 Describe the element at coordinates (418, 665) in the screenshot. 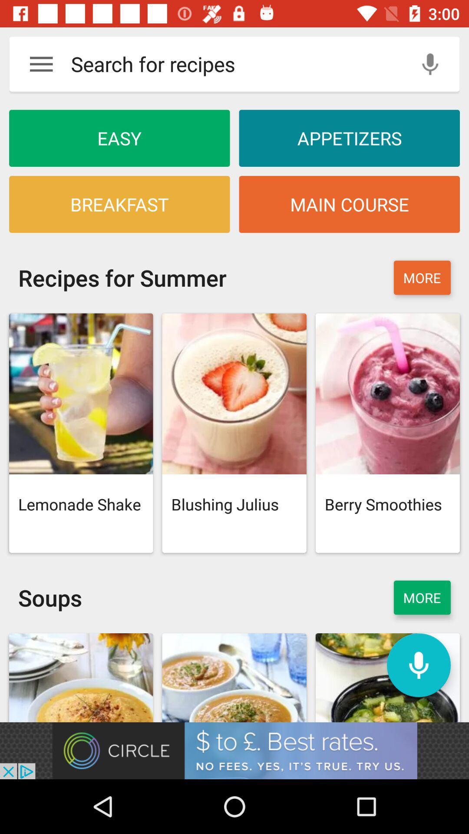

I see `mike for searching` at that location.